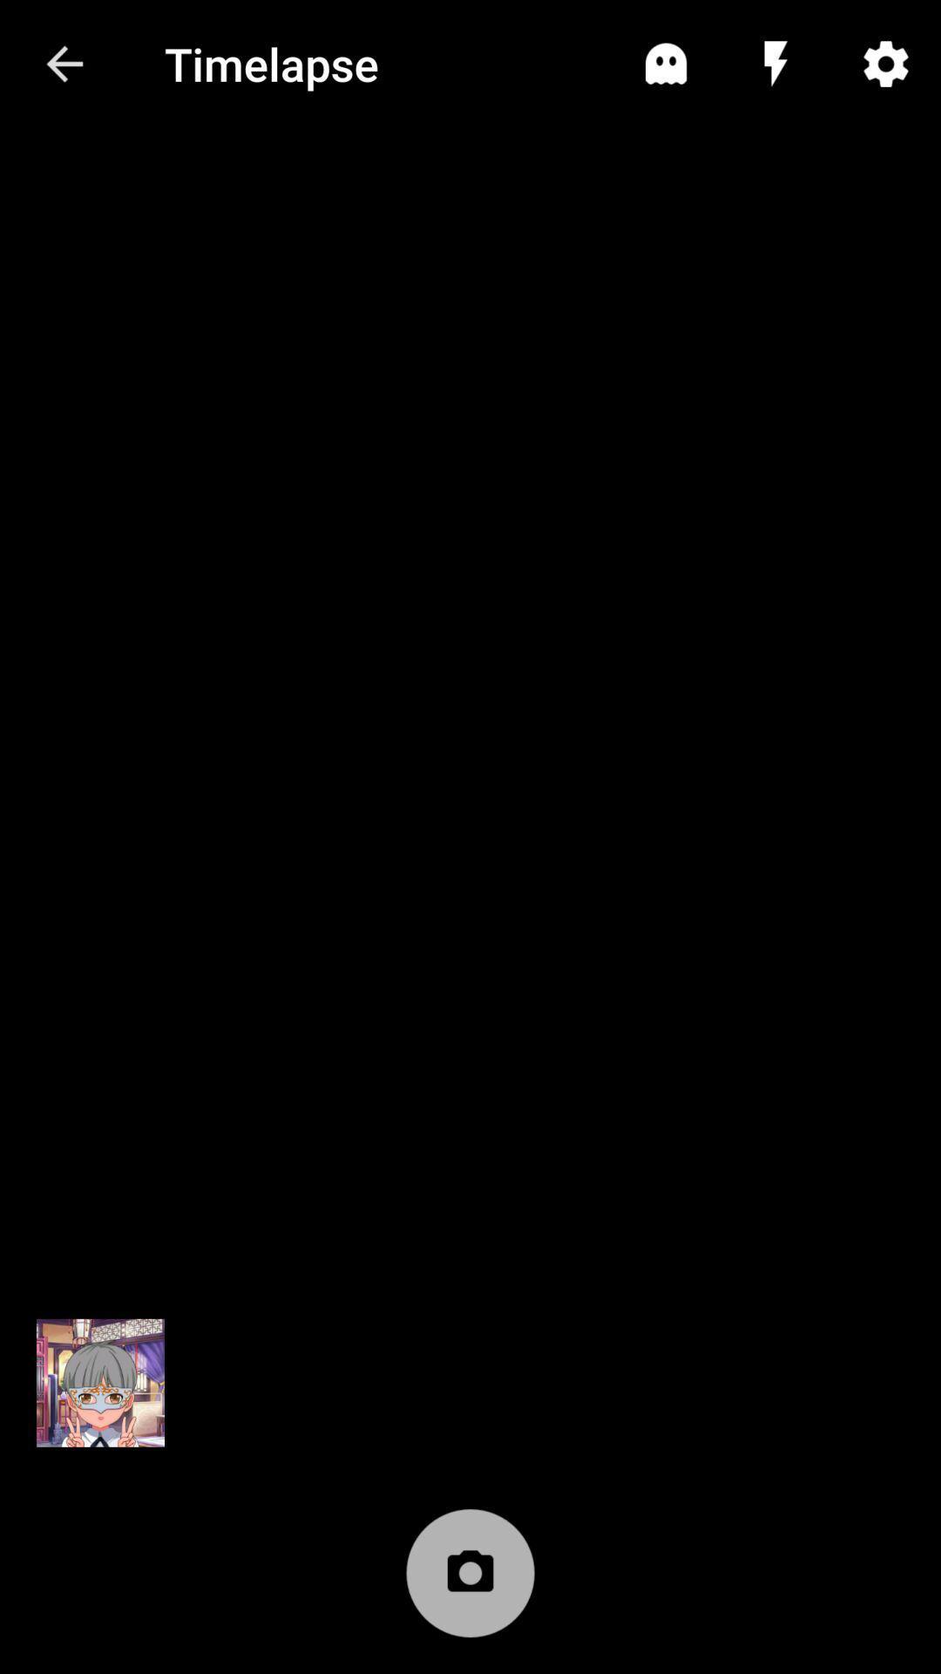 The width and height of the screenshot is (941, 1674). What do you see at coordinates (470, 1582) in the screenshot?
I see `take a photo` at bounding box center [470, 1582].